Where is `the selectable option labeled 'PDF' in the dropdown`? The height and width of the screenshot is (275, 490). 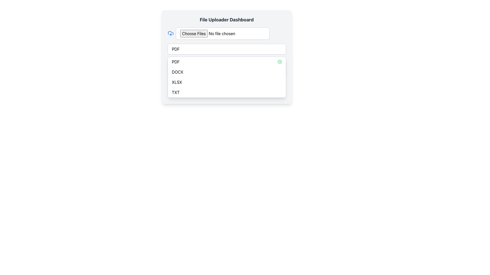 the selectable option labeled 'PDF' in the dropdown is located at coordinates (176, 62).